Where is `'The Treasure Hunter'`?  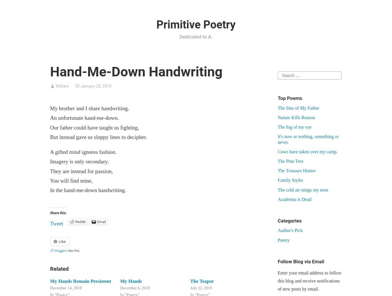
'The Treasure Hunter' is located at coordinates (277, 170).